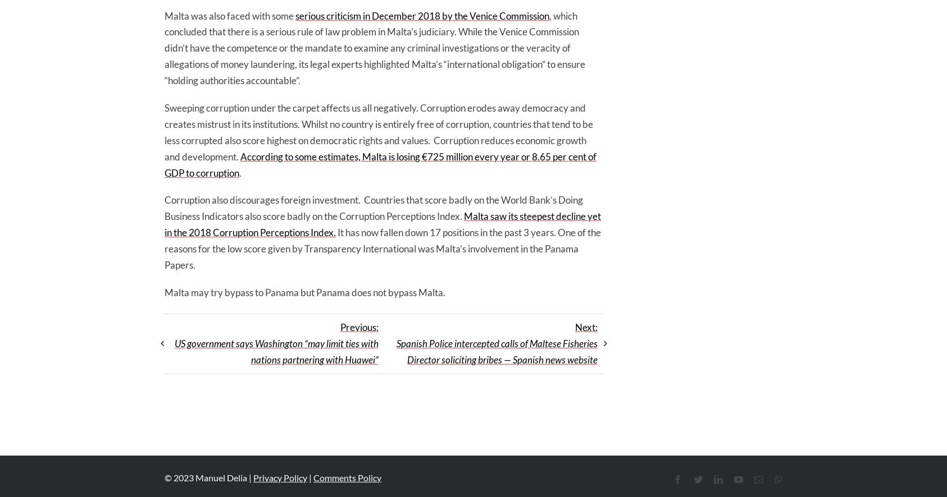  What do you see at coordinates (496, 351) in the screenshot?
I see `'Spanish Police intercepted calls of Maltese Fisheries Director soliciting bribes — Spanish news website'` at bounding box center [496, 351].